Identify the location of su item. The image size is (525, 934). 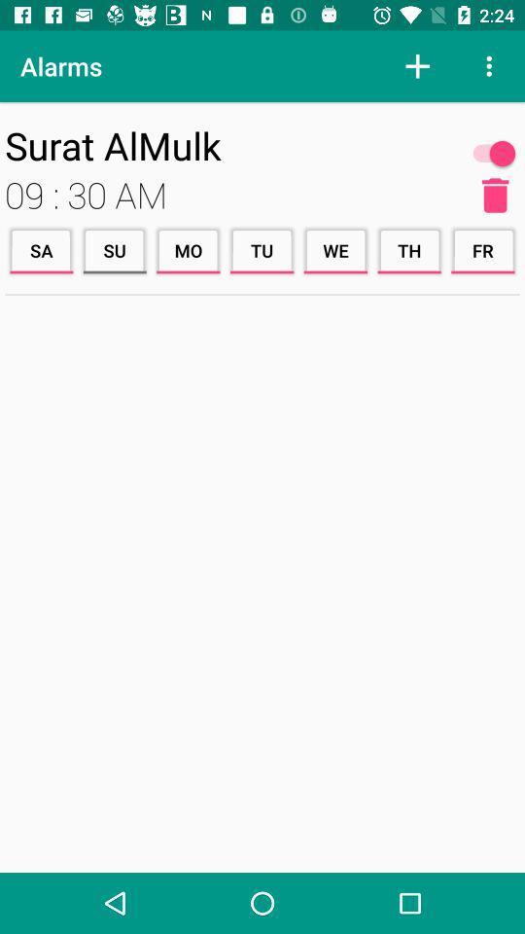
(115, 249).